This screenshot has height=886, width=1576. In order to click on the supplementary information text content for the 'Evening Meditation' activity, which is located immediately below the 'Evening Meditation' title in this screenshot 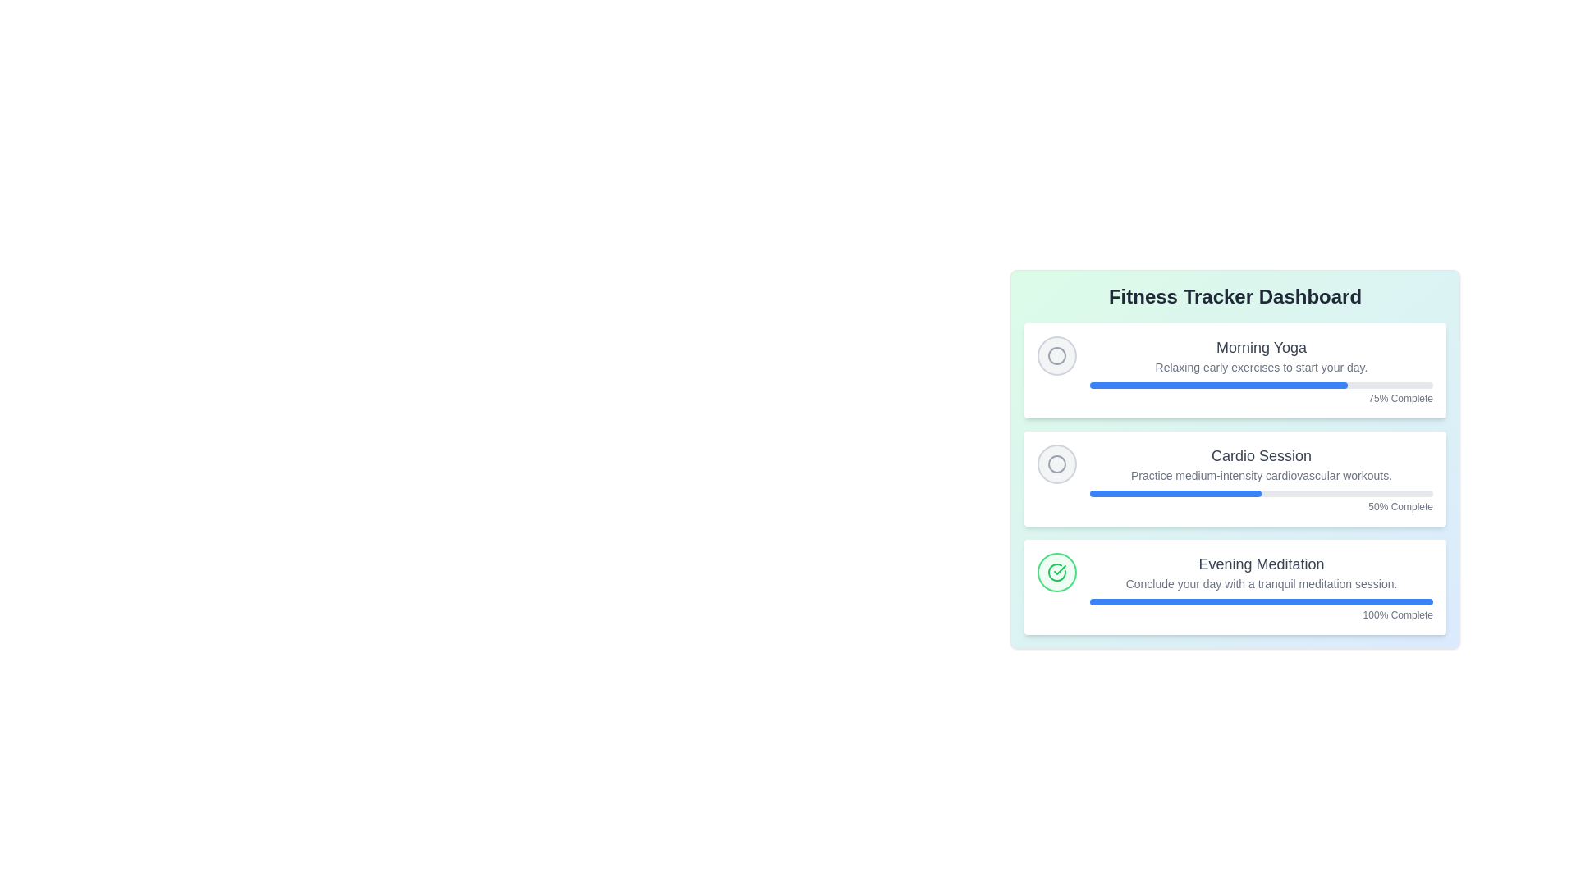, I will do `click(1260, 583)`.